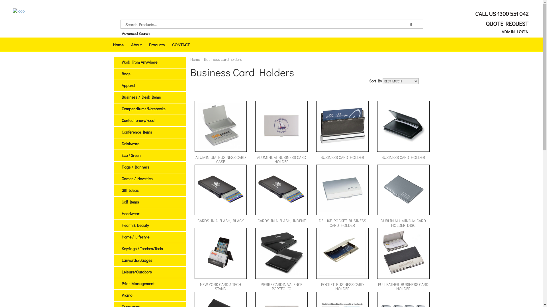 This screenshot has width=547, height=307. I want to click on 'QUOTE REQUEST', so click(506, 23).